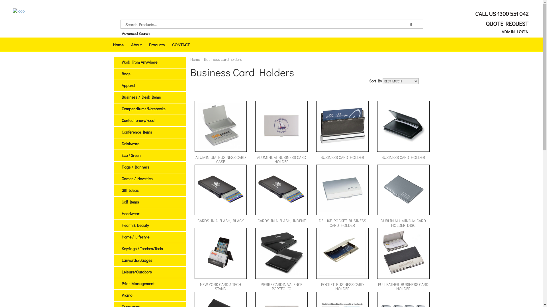 This screenshot has width=547, height=307. I want to click on 'QUOTE REQUEST', so click(506, 23).